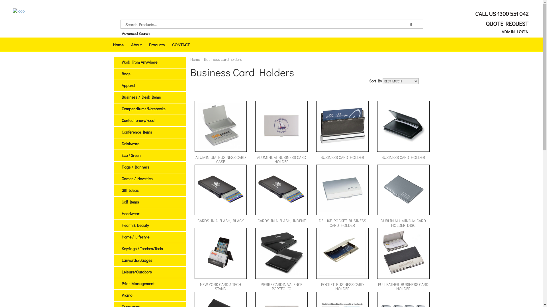 This screenshot has width=547, height=307. I want to click on 'QUOTE REQUEST', so click(506, 23).